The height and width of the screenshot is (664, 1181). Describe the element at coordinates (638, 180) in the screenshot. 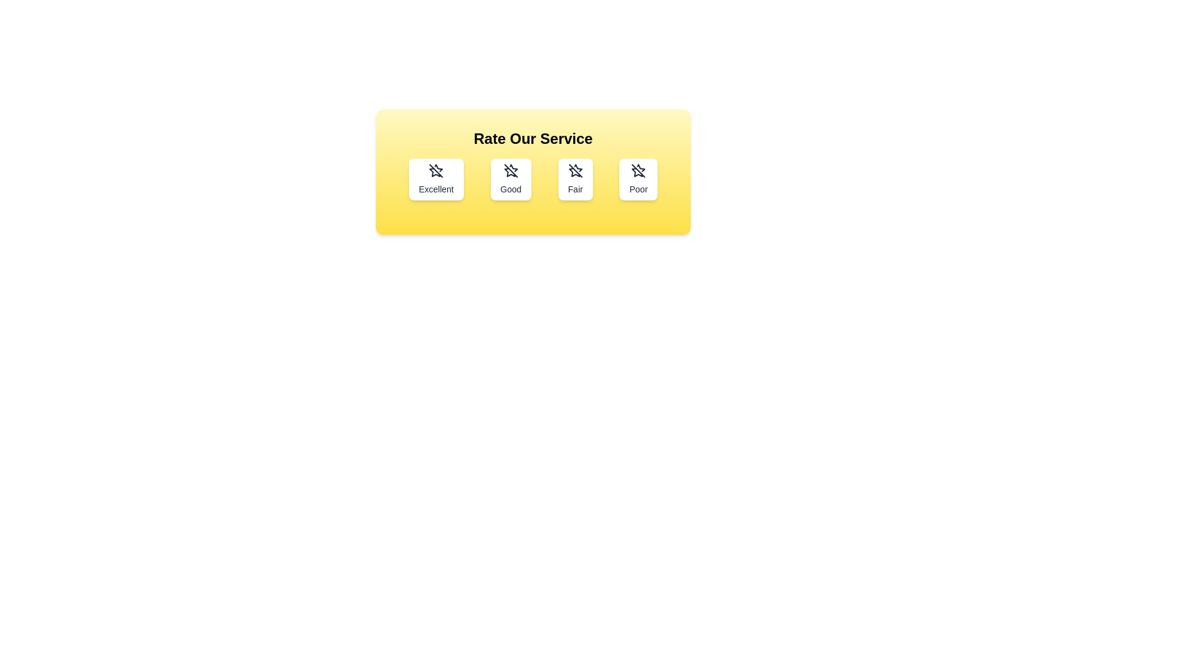

I see `the rating button labeled Poor to select it` at that location.